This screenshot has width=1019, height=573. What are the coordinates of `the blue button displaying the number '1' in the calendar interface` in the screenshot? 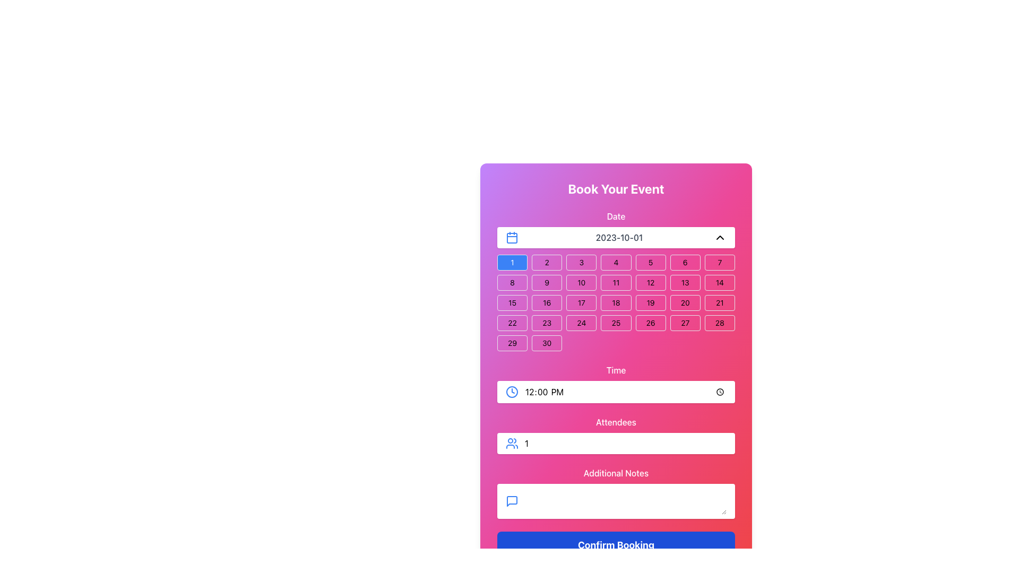 It's located at (512, 262).